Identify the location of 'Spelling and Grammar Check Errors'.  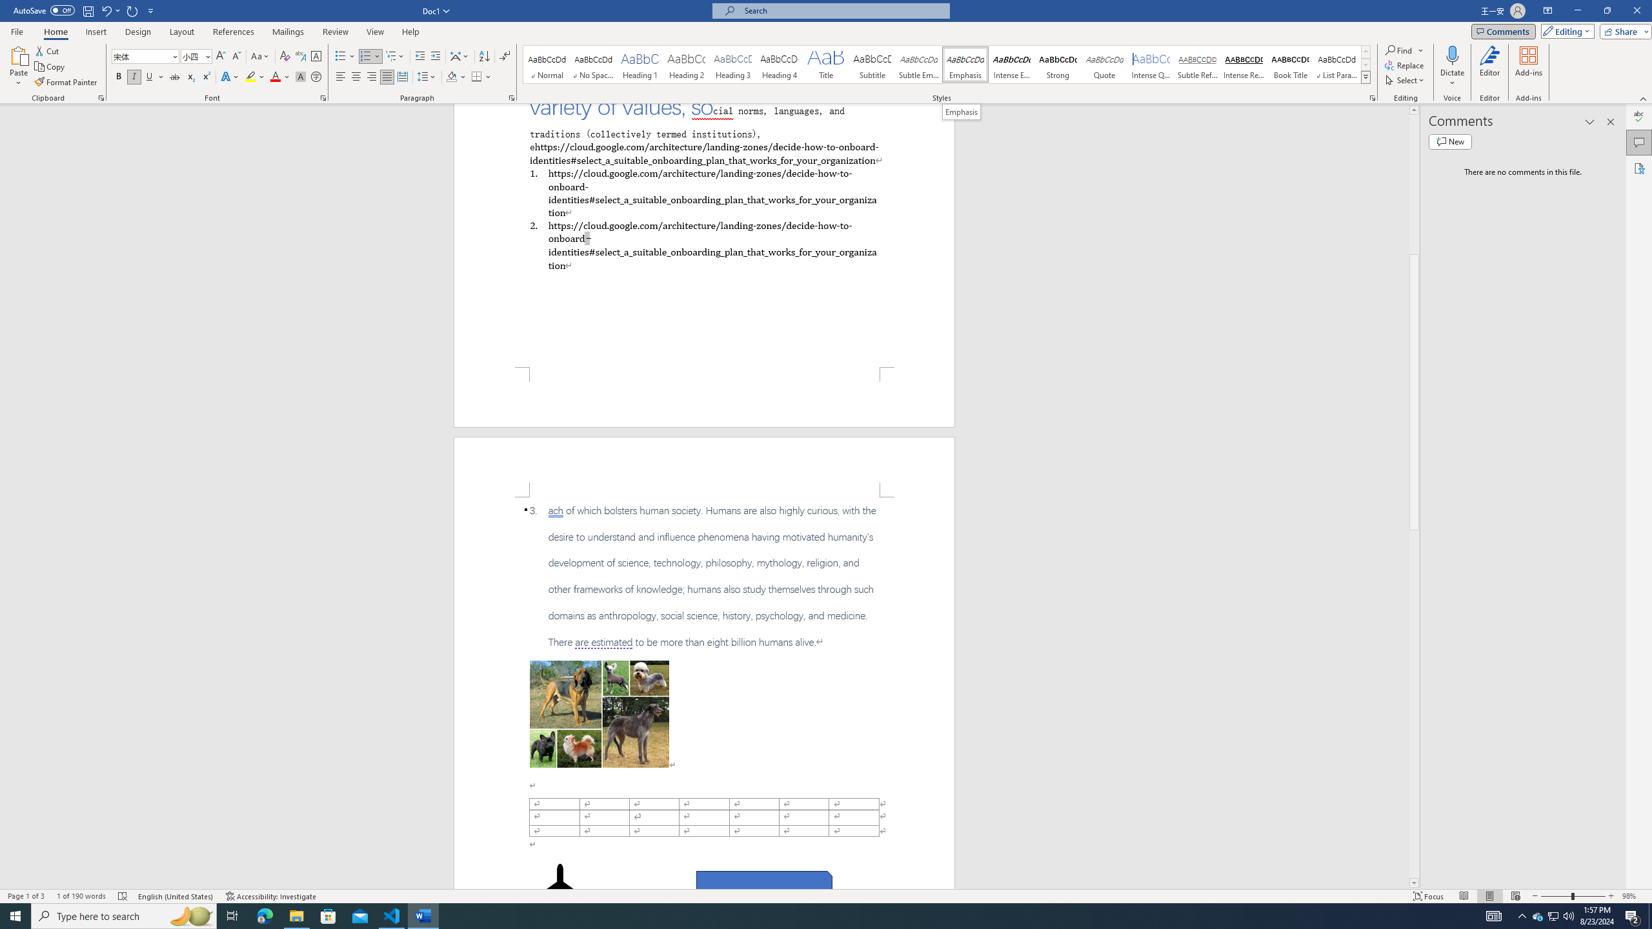
(122, 896).